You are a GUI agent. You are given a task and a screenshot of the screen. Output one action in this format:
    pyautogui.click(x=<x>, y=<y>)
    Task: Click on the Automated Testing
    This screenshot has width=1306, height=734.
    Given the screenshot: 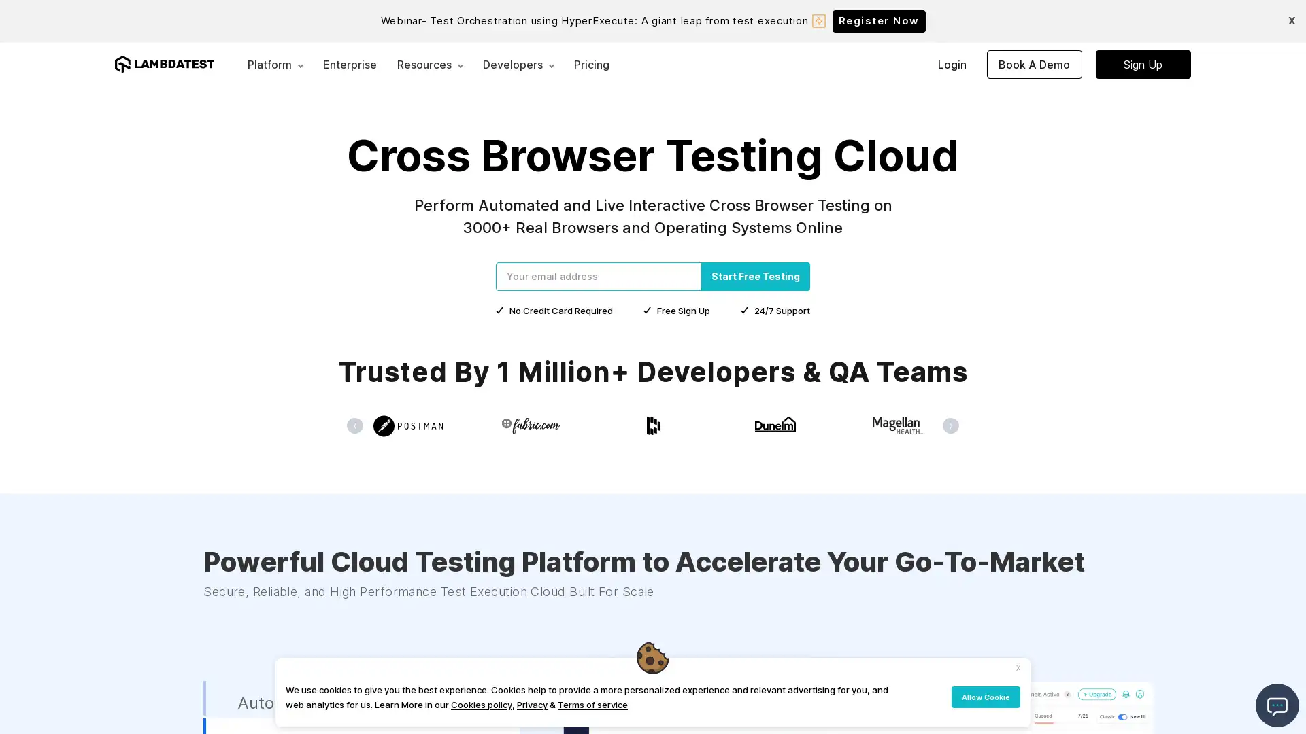 What is the action you would take?
    pyautogui.click(x=309, y=693)
    